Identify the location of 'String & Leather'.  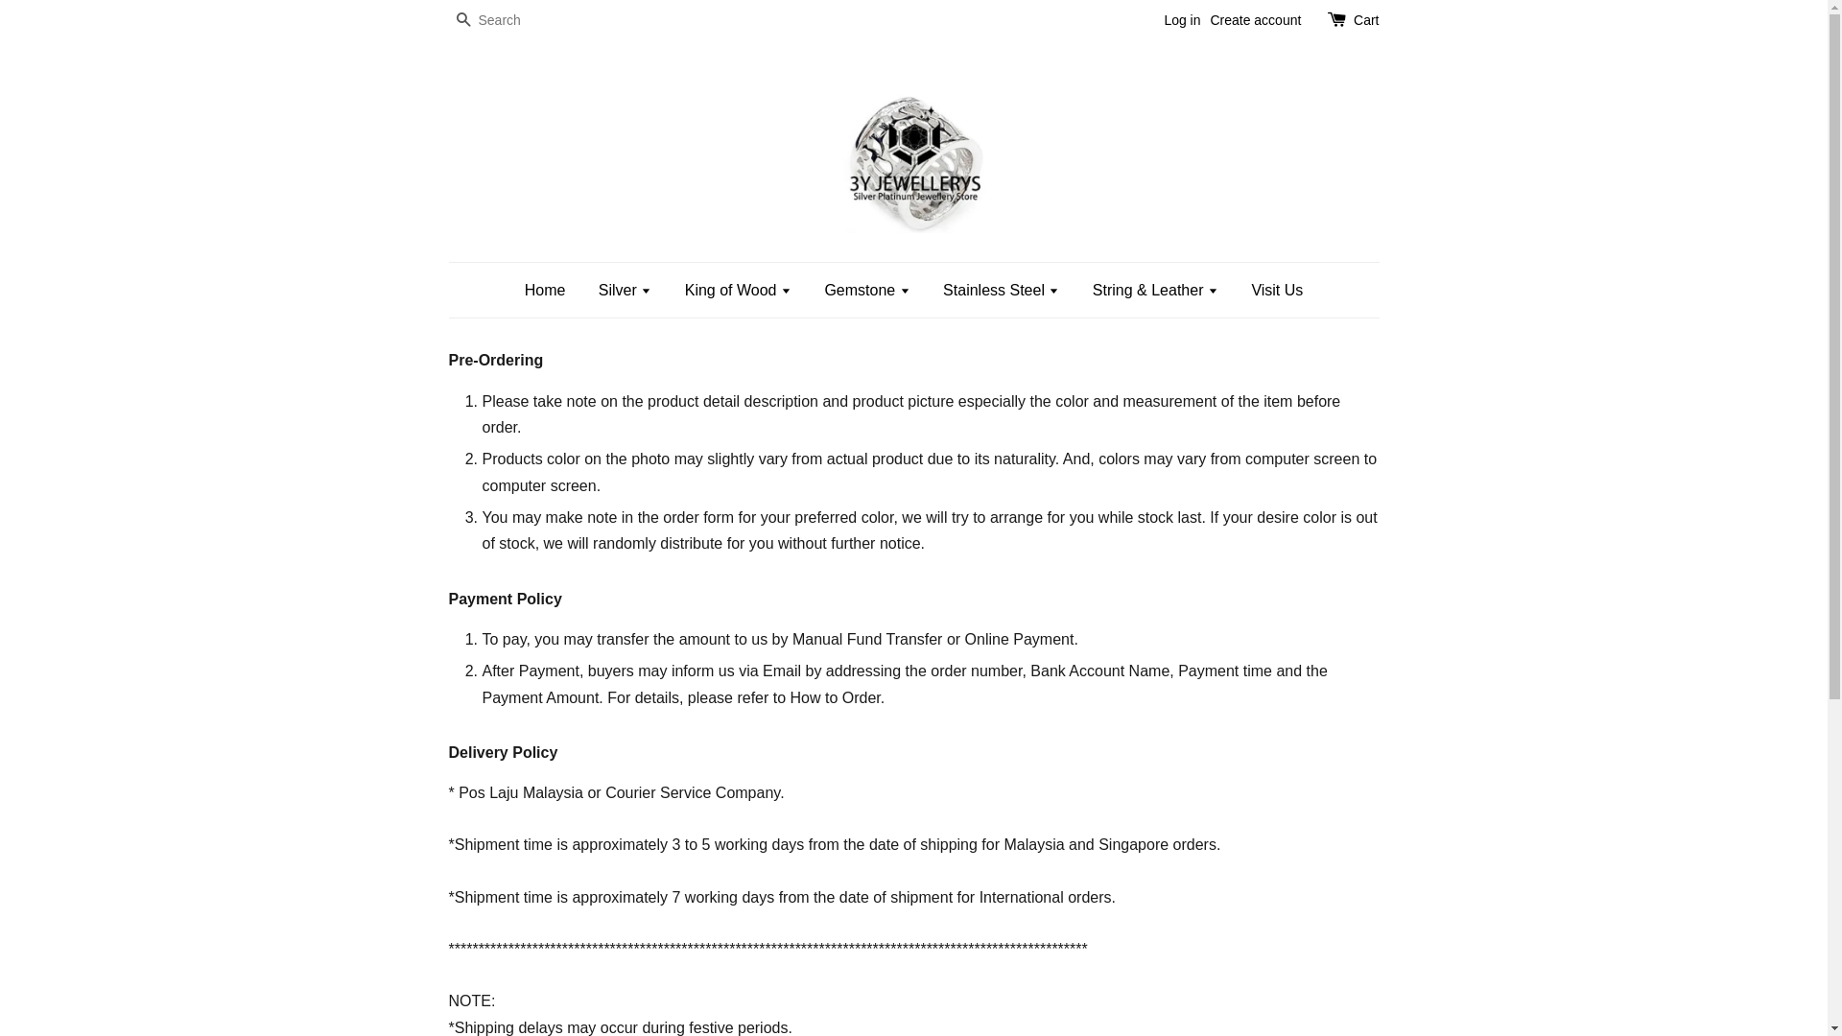
(1077, 290).